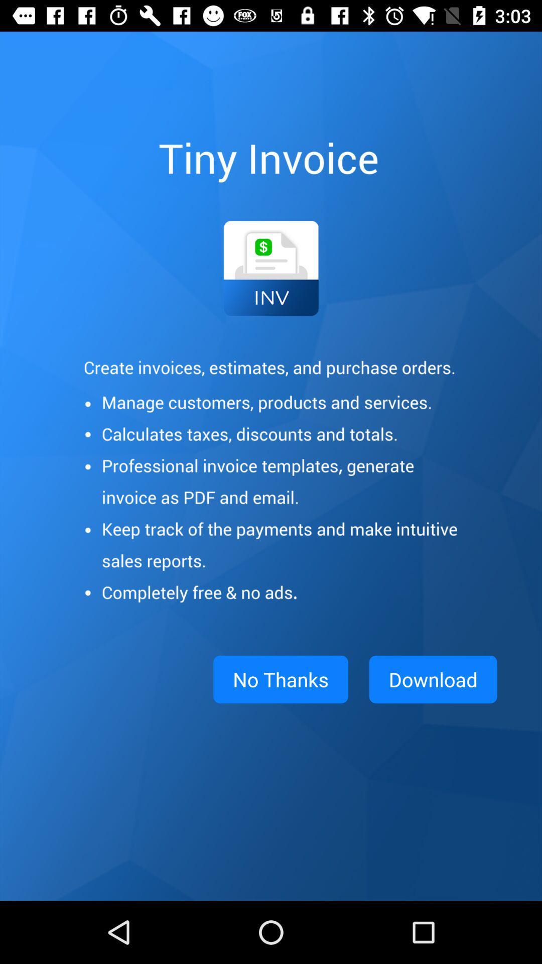  What do you see at coordinates (281, 679) in the screenshot?
I see `item next to download item` at bounding box center [281, 679].